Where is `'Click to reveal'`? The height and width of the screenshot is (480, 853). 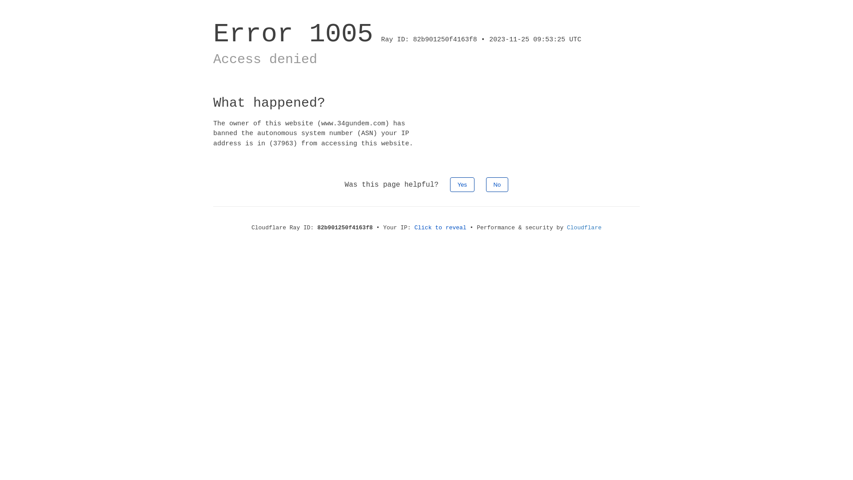
'Click to reveal' is located at coordinates (440, 227).